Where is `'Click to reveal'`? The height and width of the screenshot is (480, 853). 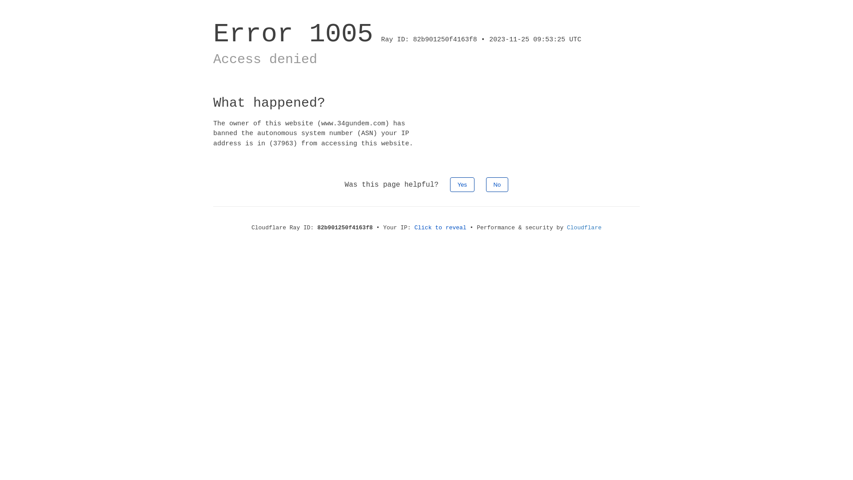
'Click to reveal' is located at coordinates (440, 227).